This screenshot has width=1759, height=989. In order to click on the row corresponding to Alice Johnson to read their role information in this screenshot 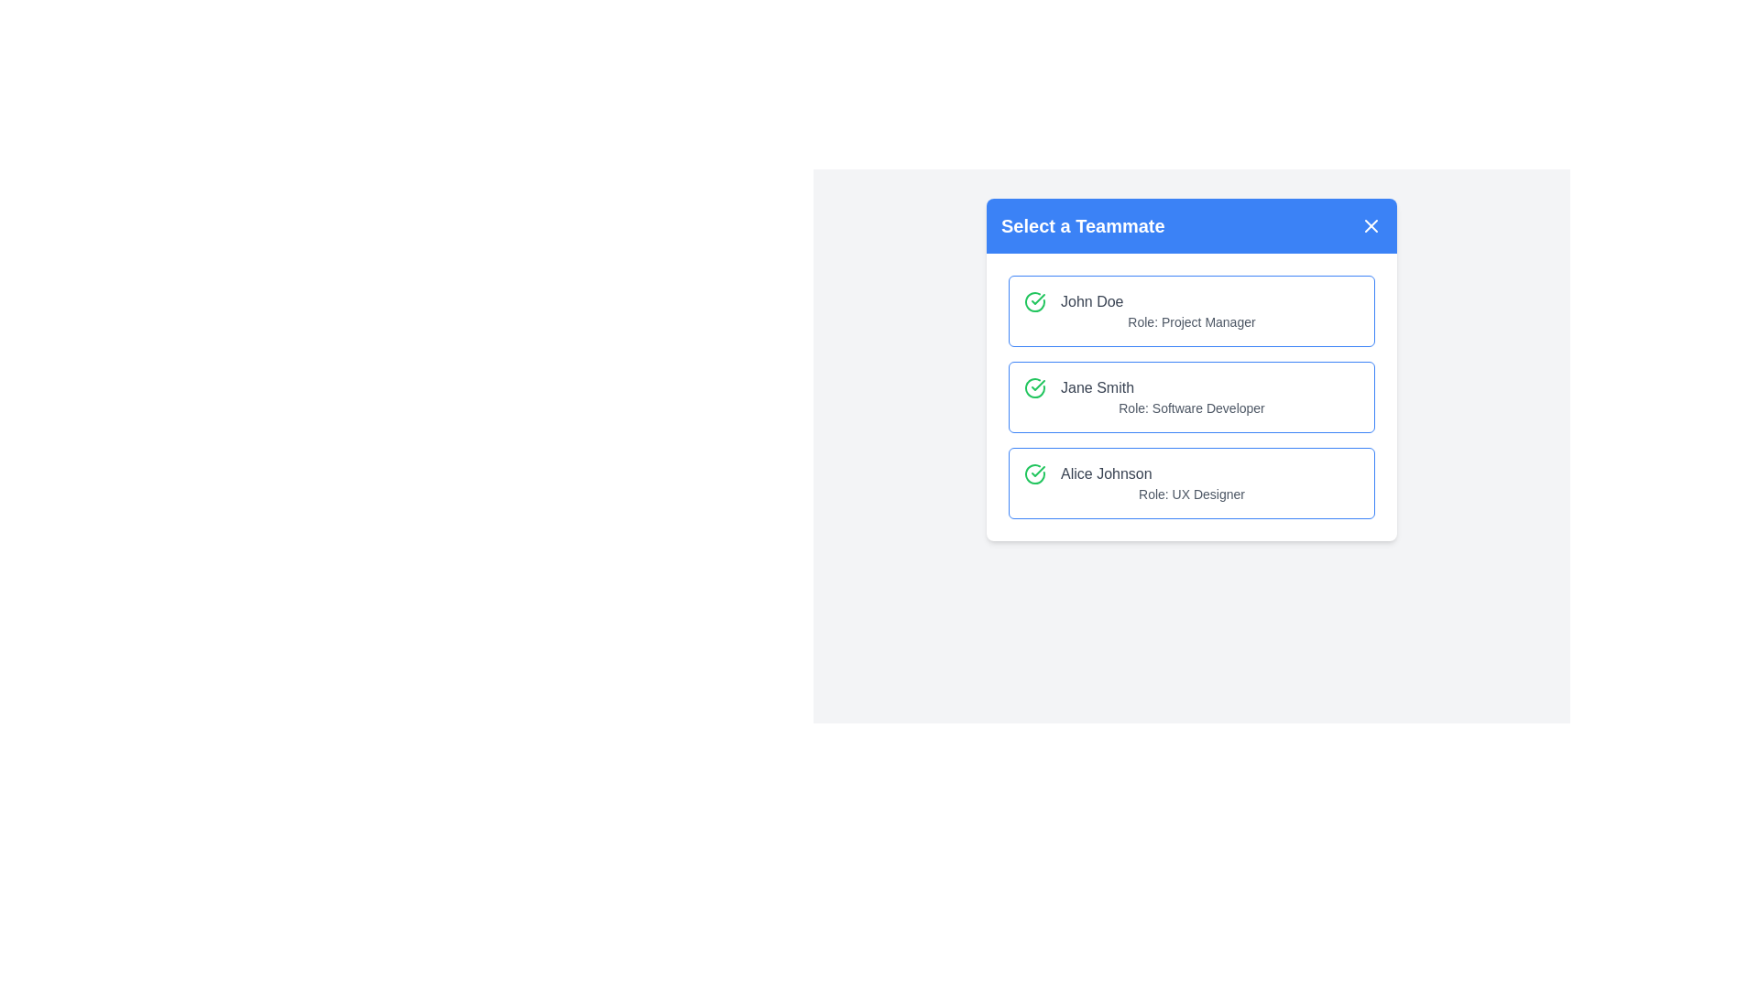, I will do `click(1191, 483)`.